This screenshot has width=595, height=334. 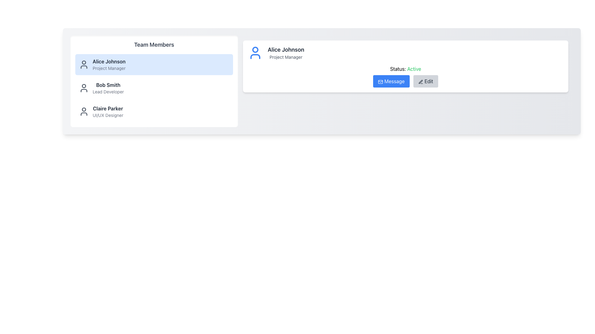 I want to click on the first team member's Text Label in the left sidebar under the 'Team Members' section, so click(x=109, y=62).